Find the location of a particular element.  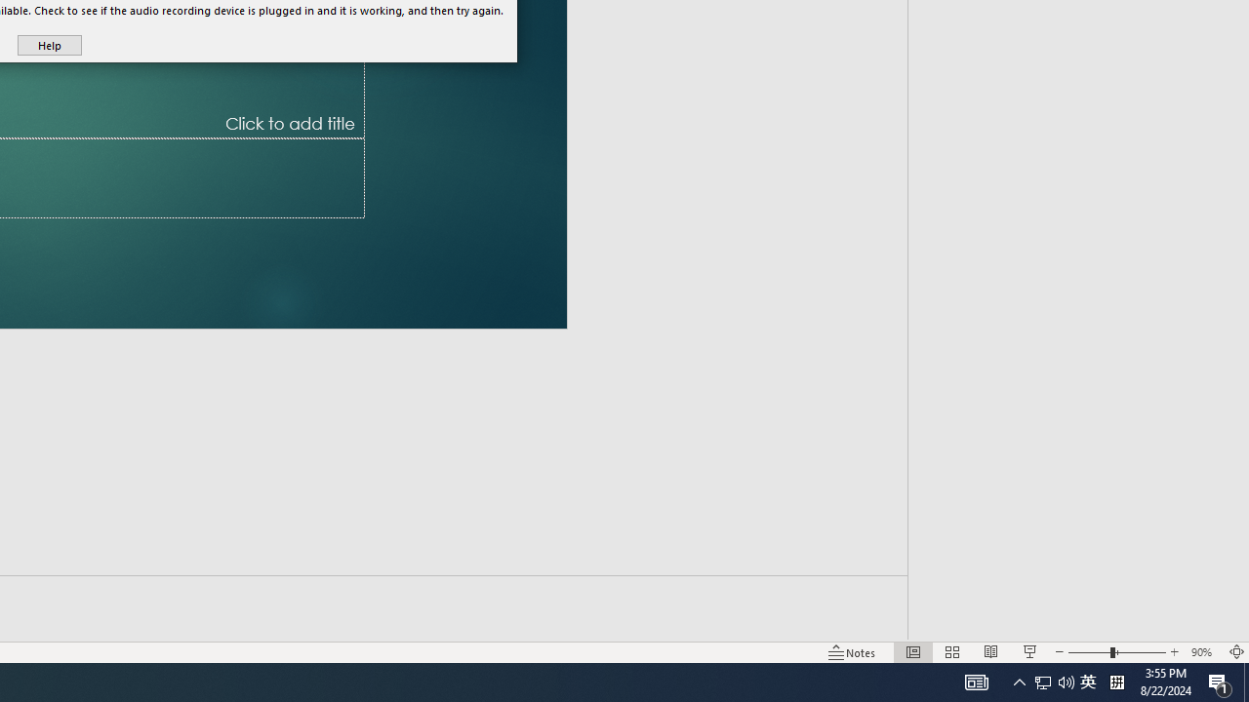

'Action Center, 1 new notification' is located at coordinates (1220, 681).